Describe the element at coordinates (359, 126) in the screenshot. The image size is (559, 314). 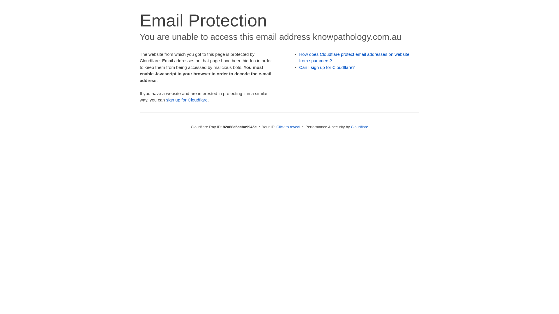
I see `'Cloudflare'` at that location.